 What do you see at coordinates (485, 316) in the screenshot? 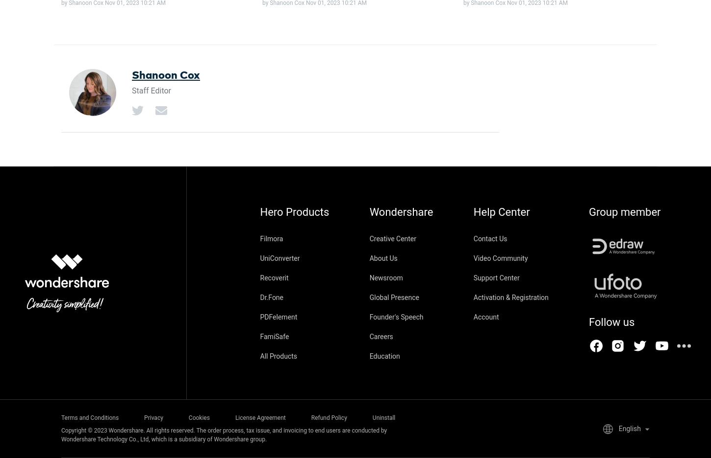
I see `'Account'` at bounding box center [485, 316].